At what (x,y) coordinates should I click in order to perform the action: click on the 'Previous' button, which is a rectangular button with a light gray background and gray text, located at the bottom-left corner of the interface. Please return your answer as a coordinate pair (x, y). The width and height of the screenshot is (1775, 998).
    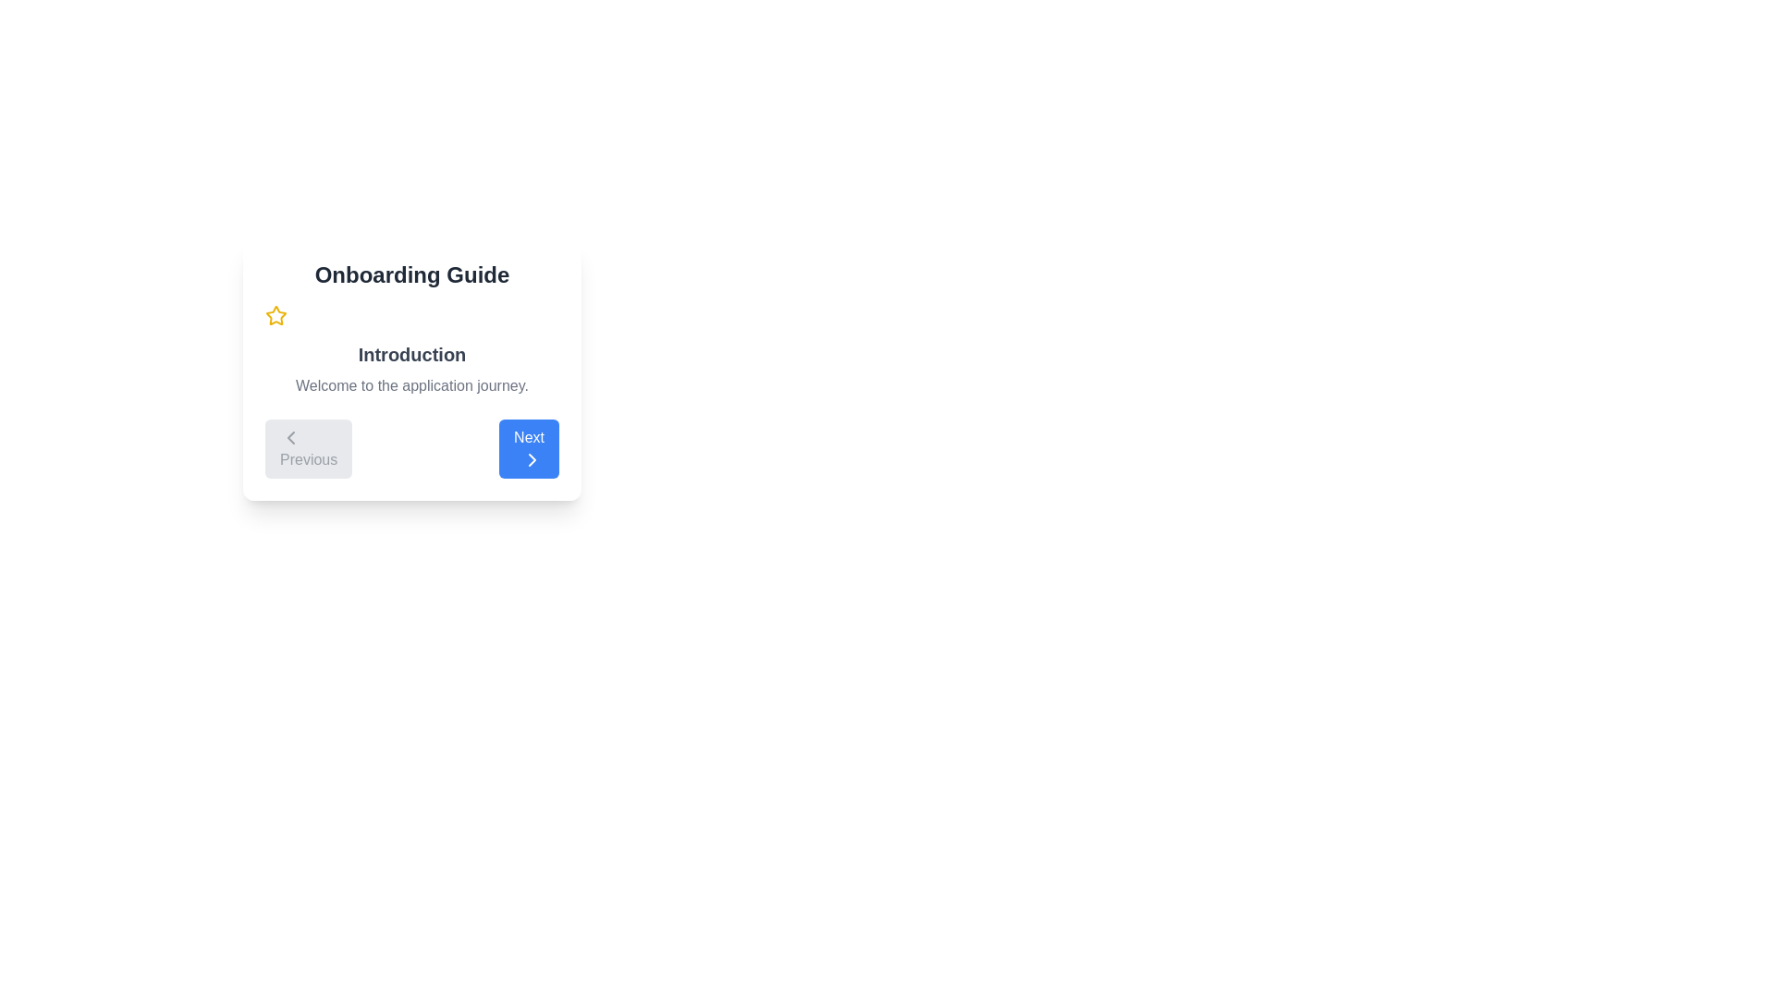
    Looking at the image, I should click on (309, 449).